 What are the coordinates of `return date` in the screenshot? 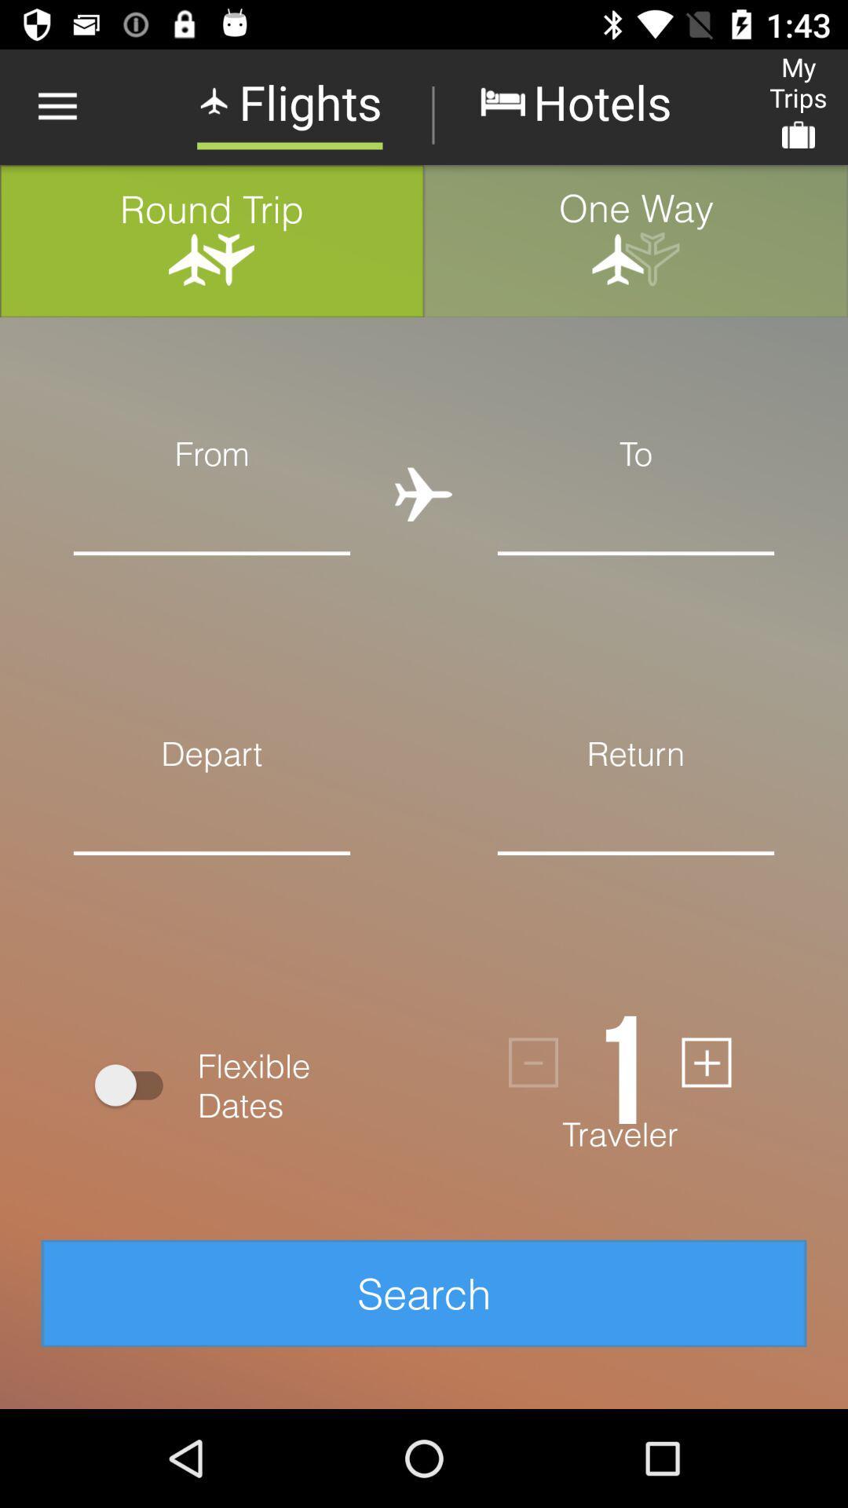 It's located at (636, 877).